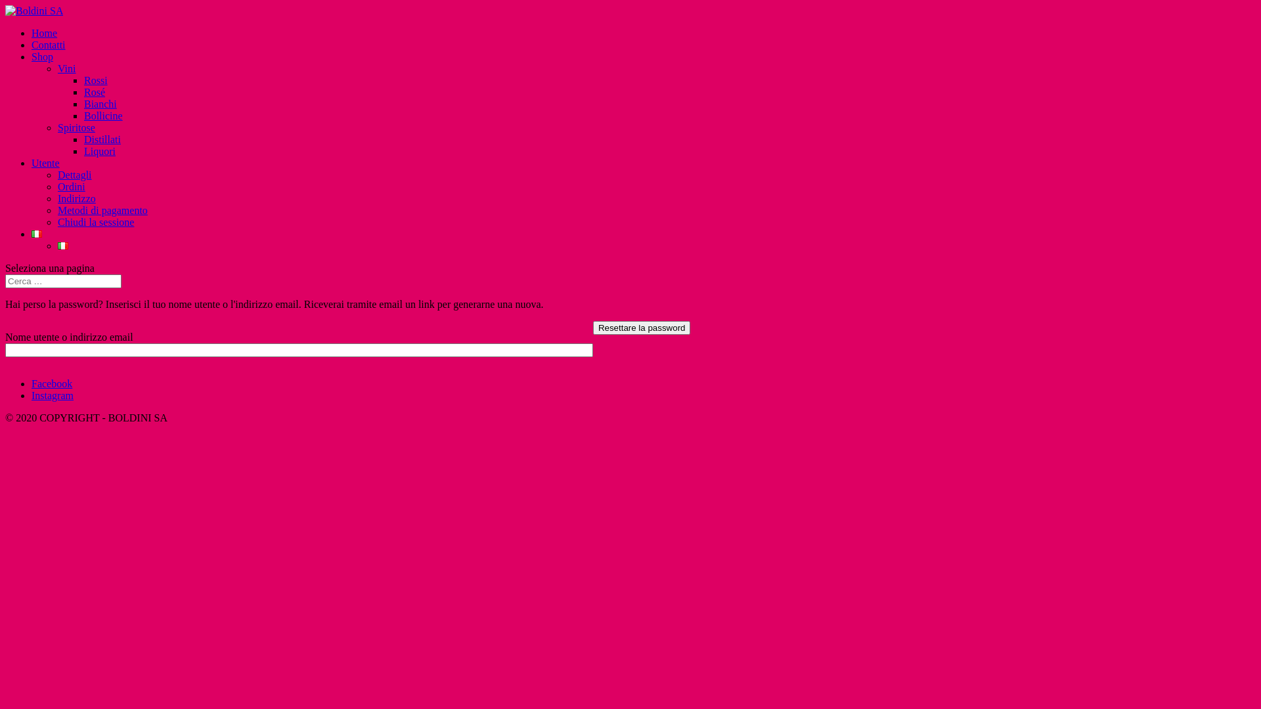 This screenshot has height=709, width=1261. Describe the element at coordinates (53, 395) in the screenshot. I see `'Instagram'` at that location.